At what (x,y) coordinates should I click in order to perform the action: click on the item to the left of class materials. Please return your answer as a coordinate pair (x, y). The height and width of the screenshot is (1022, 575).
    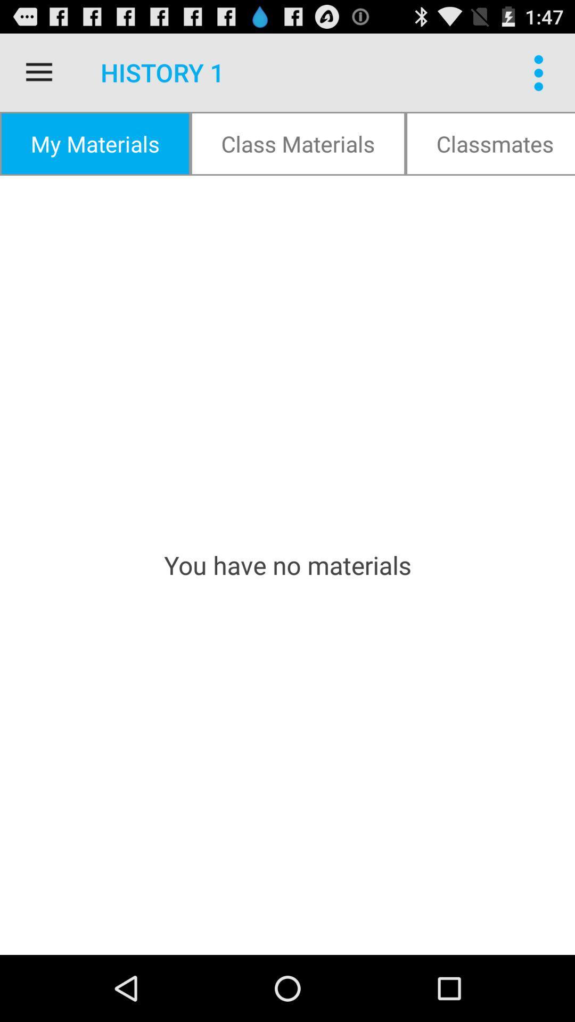
    Looking at the image, I should click on (94, 143).